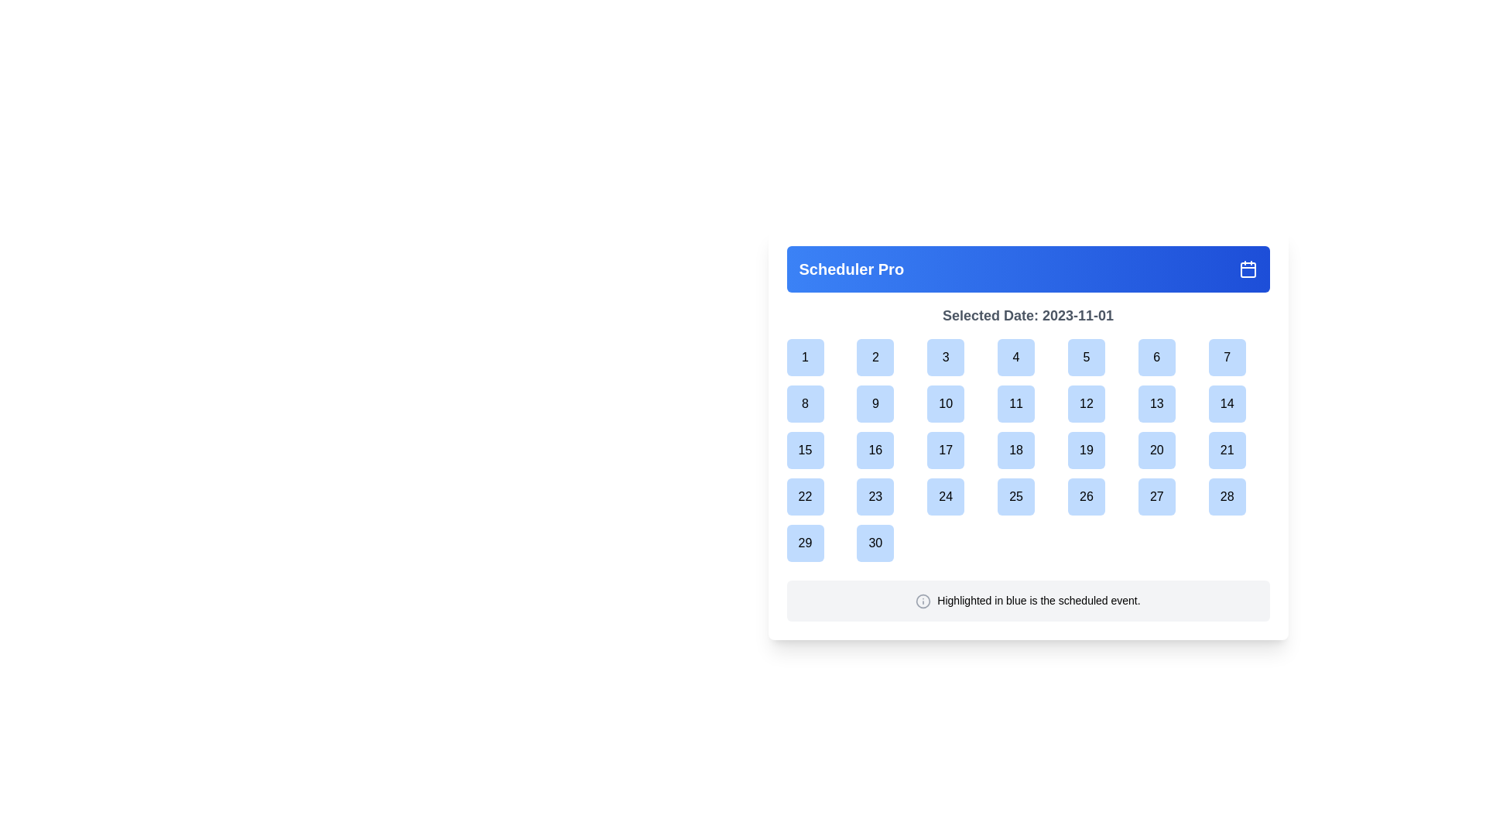 The width and height of the screenshot is (1486, 836). What do you see at coordinates (945, 358) in the screenshot?
I see `the square button with a light blue background that contains the number '3' in black text to activate its hover state` at bounding box center [945, 358].